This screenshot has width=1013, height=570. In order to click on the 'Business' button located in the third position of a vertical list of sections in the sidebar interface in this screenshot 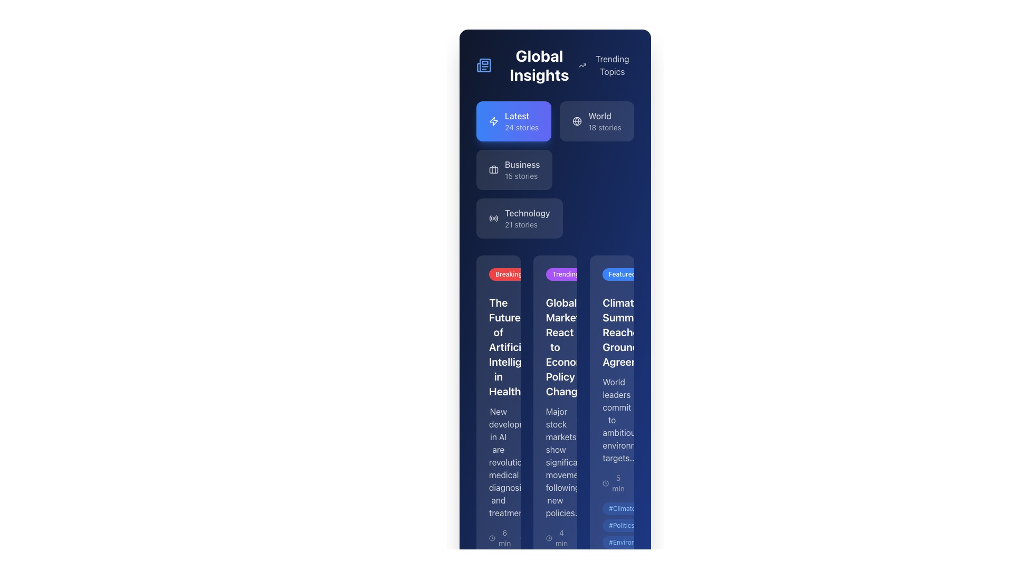, I will do `click(514, 169)`.